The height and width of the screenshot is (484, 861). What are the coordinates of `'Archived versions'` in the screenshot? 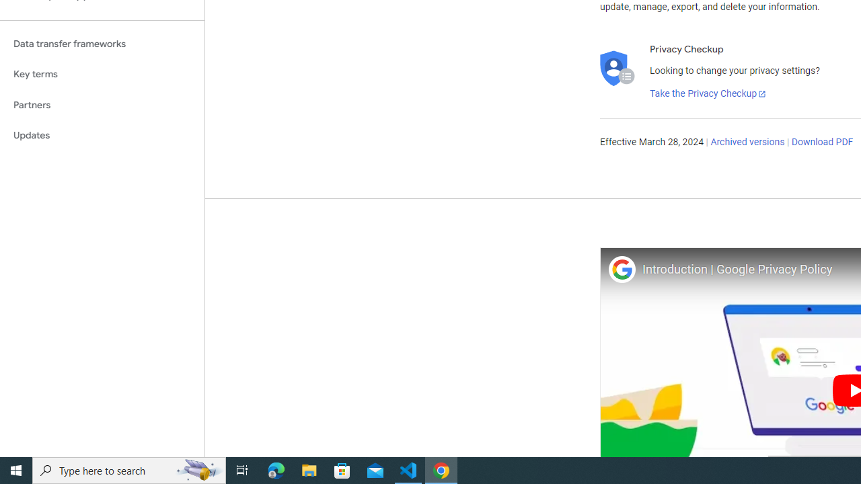 It's located at (747, 143).